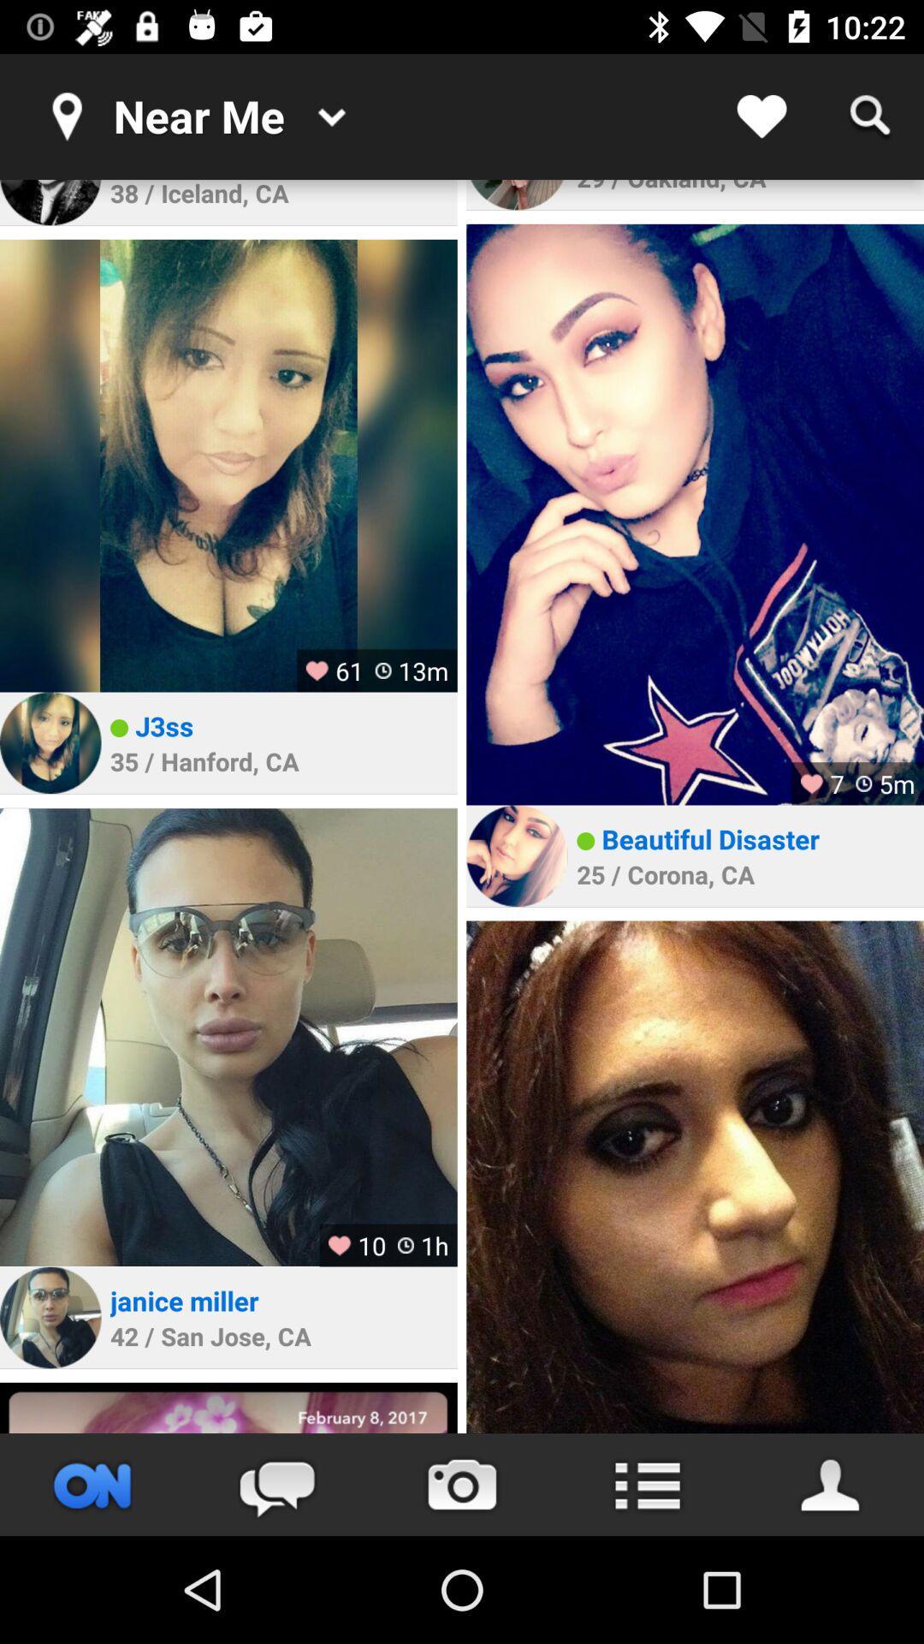 This screenshot has height=1644, width=924. I want to click on it is clickable click to see the option, so click(647, 1484).